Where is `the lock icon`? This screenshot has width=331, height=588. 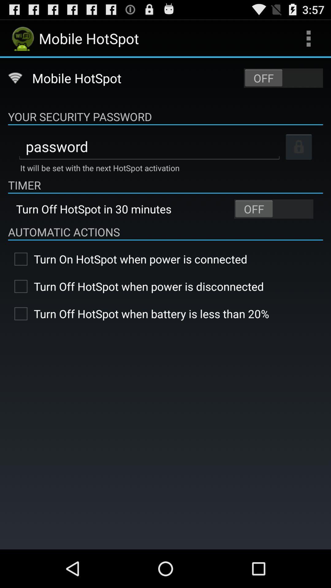 the lock icon is located at coordinates (299, 157).